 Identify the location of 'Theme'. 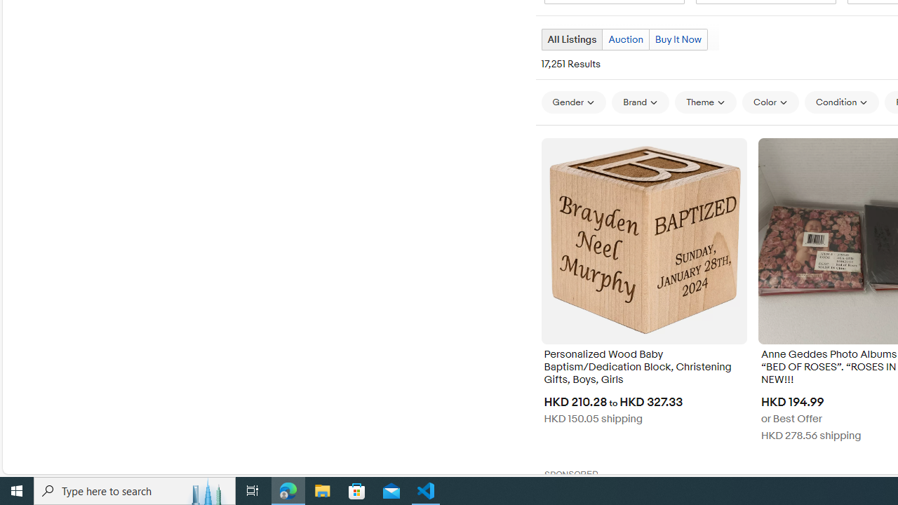
(706, 101).